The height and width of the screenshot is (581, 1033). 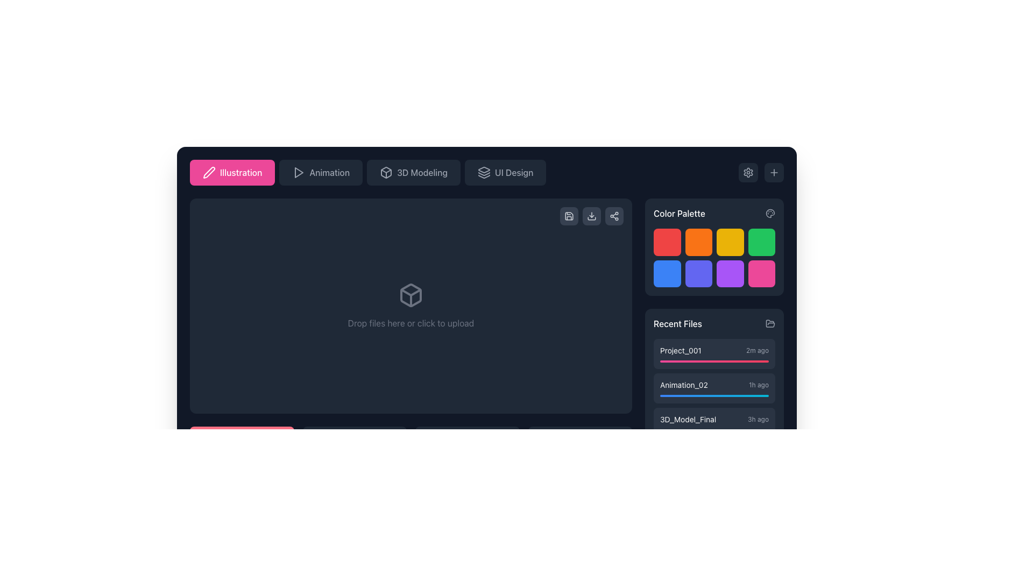 What do you see at coordinates (680, 350) in the screenshot?
I see `text content of the first Text label in the 'Recent Files' section, which serves as an identifier for a recent project or file` at bounding box center [680, 350].